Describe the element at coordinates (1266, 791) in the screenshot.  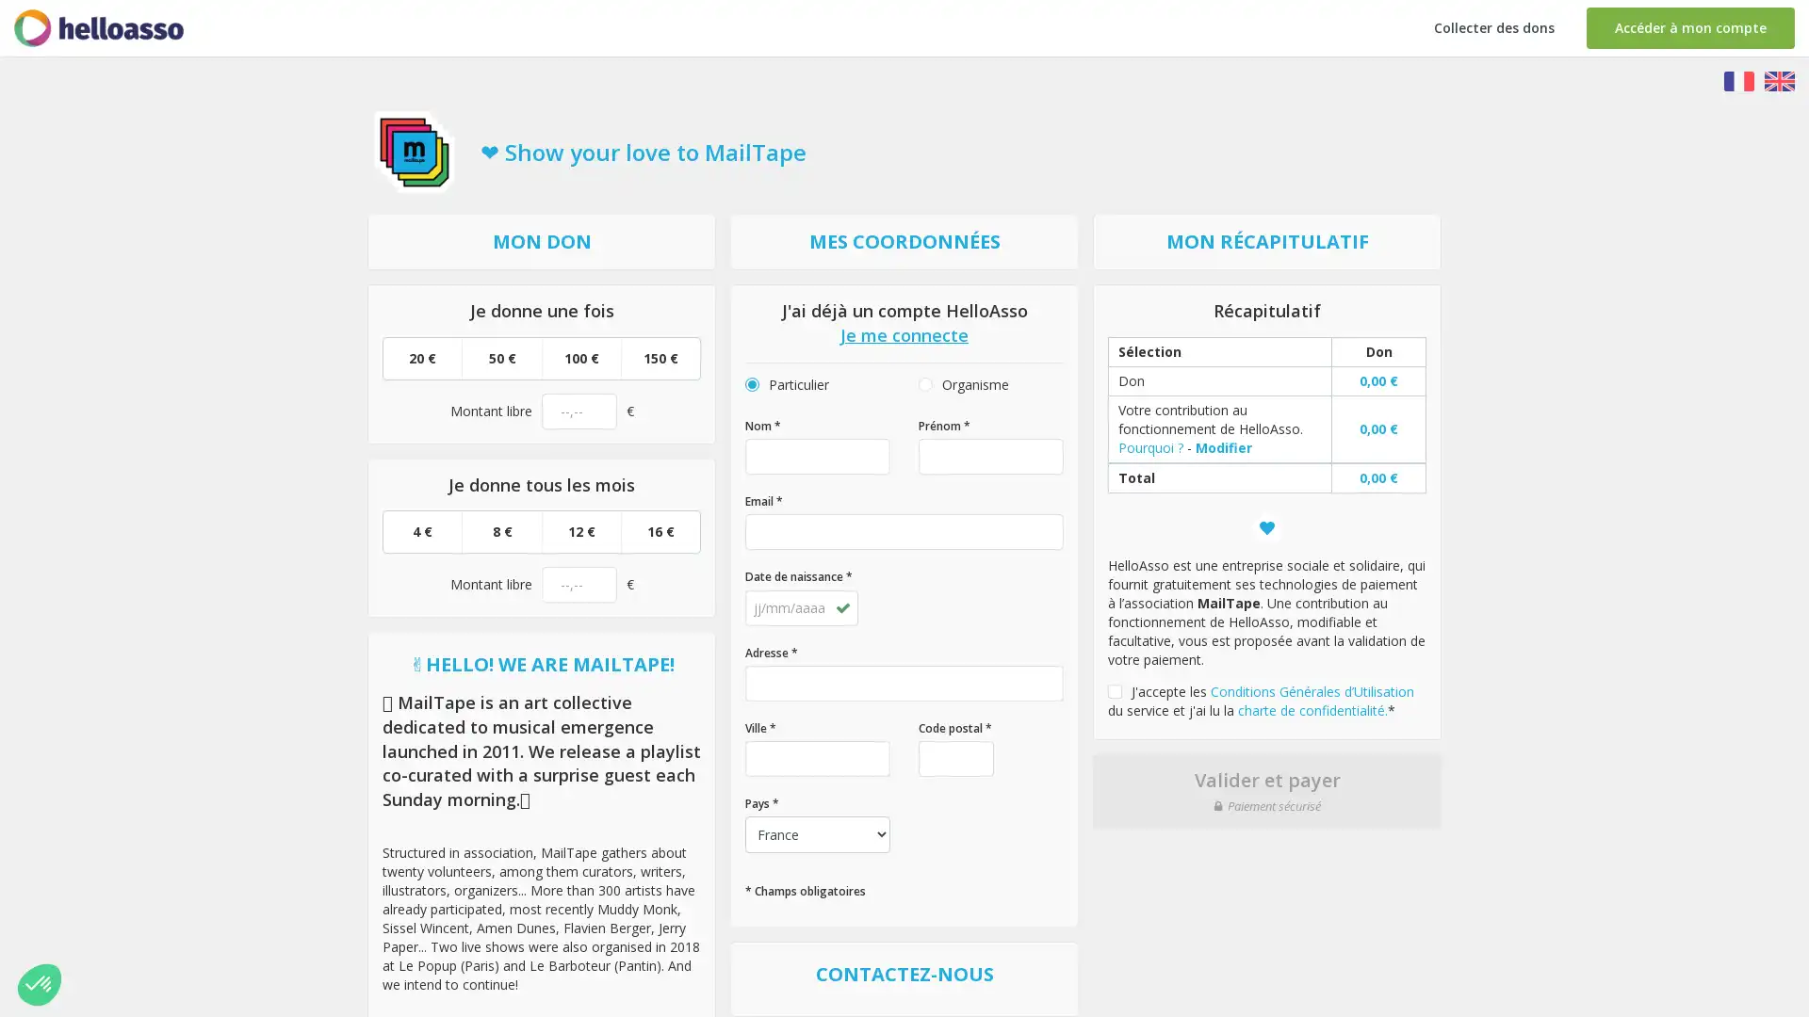
I see `Valider et payer Paiement securise` at that location.